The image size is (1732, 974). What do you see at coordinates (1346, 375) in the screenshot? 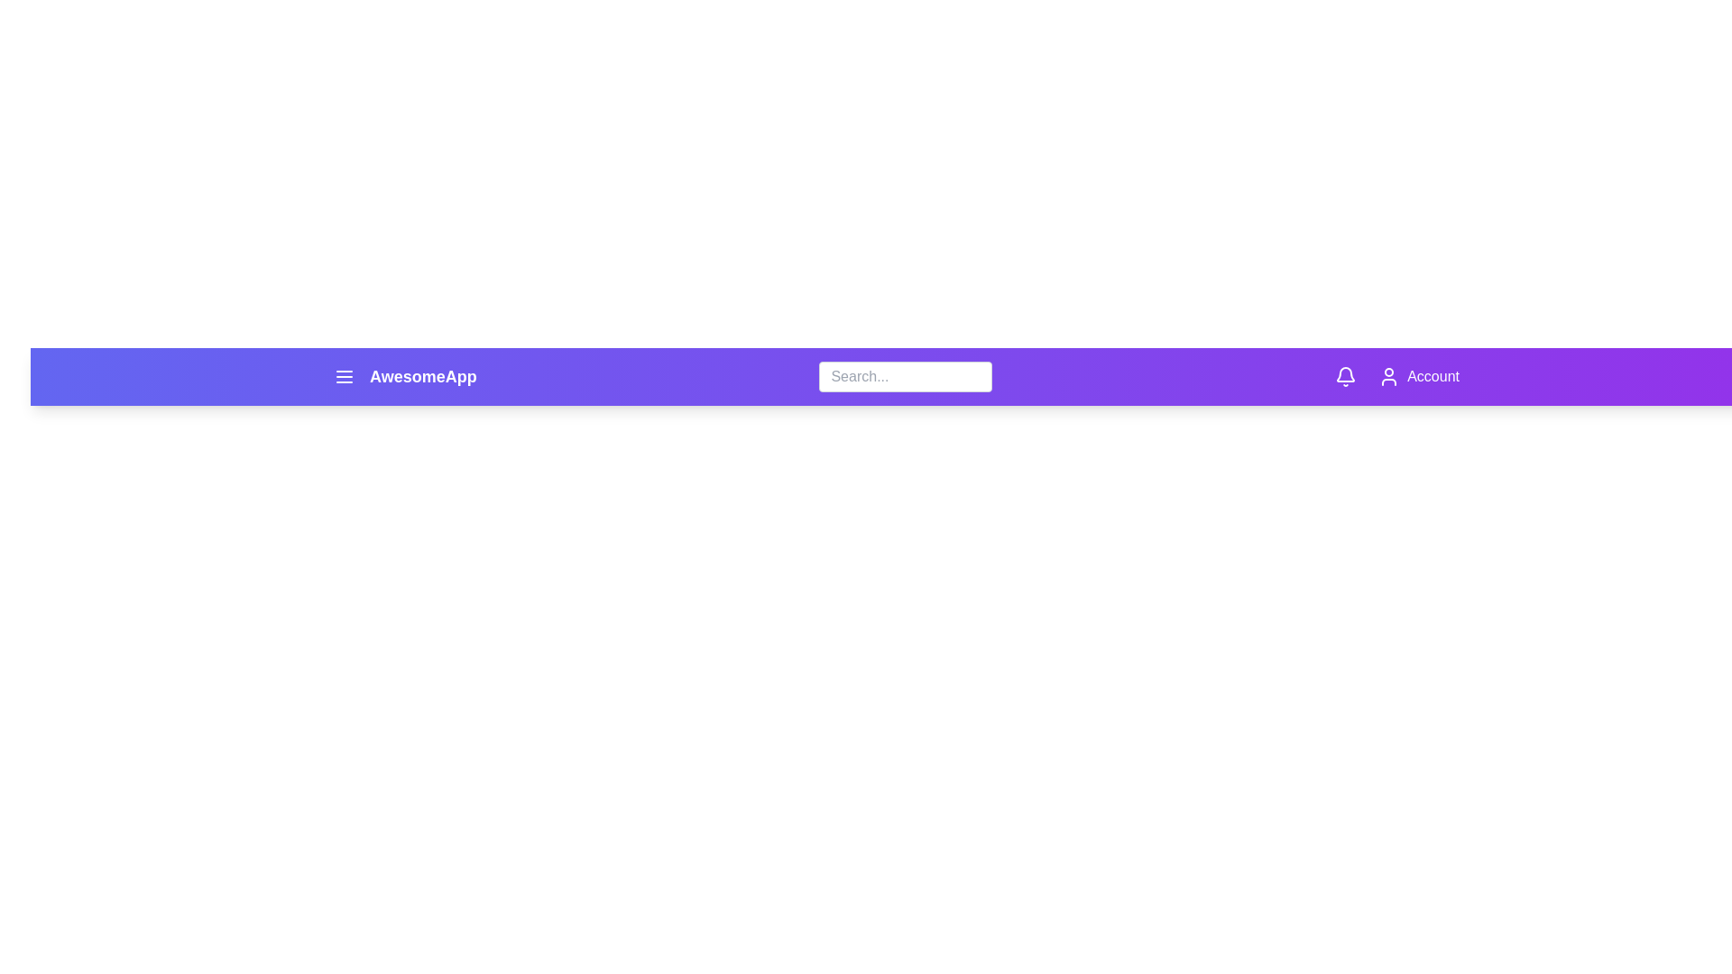
I see `the notification bell button` at bounding box center [1346, 375].